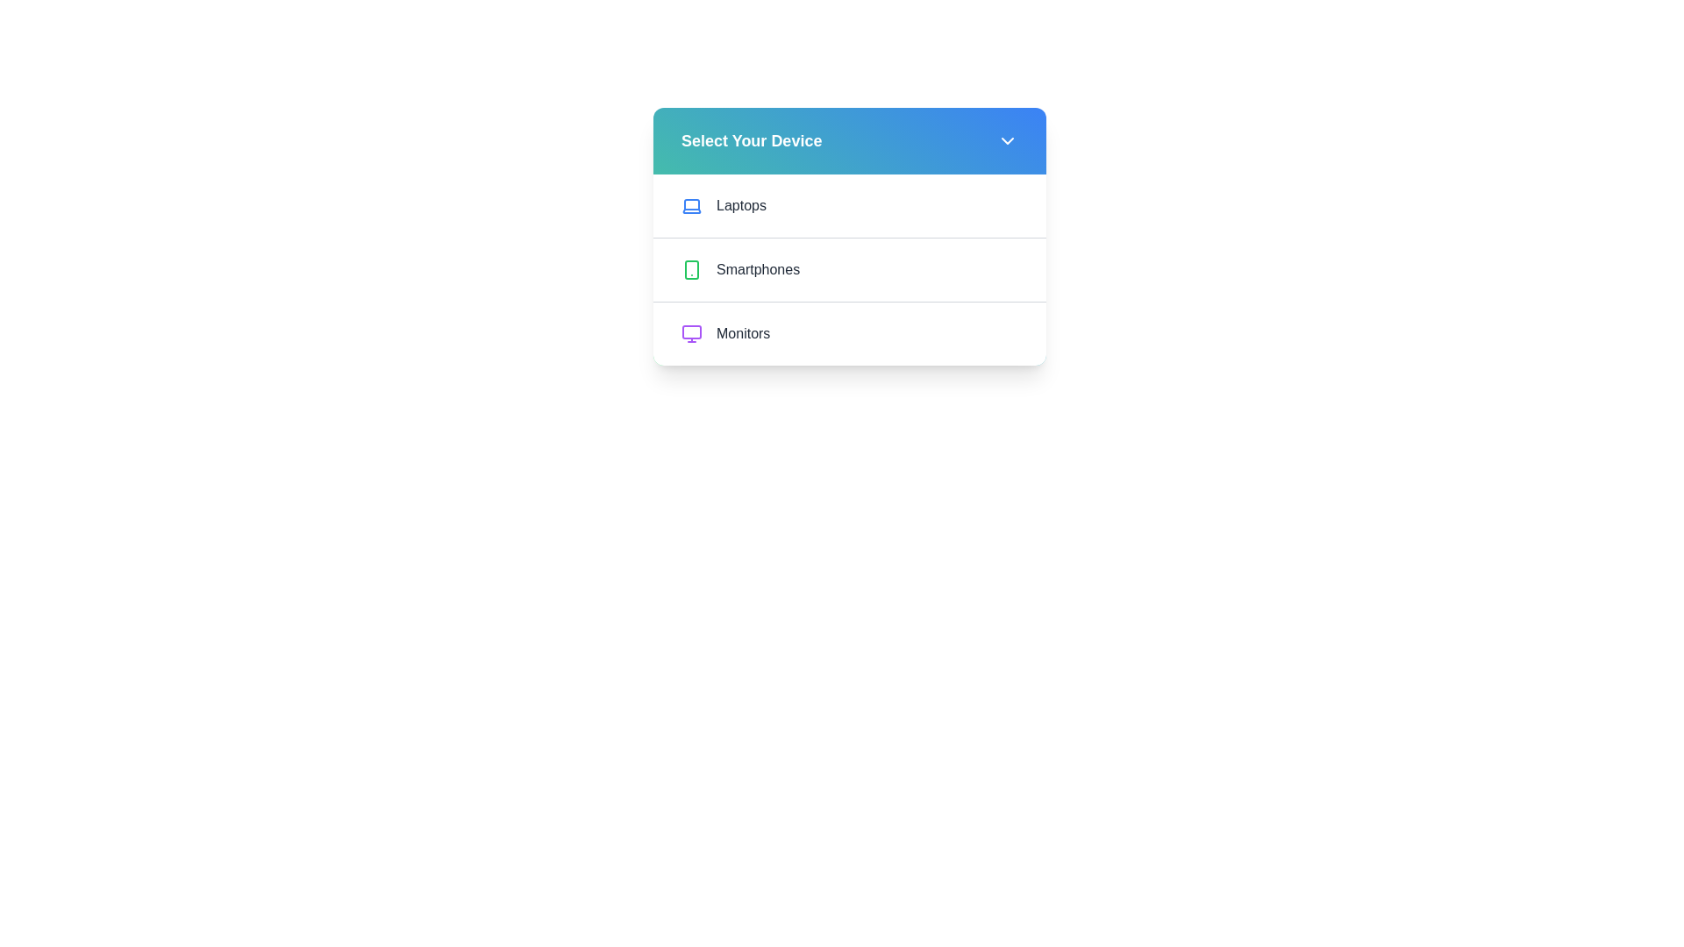 The image size is (1684, 947). Describe the element at coordinates (850, 140) in the screenshot. I see `the 'Select Your Device' button to toggle the menu` at that location.